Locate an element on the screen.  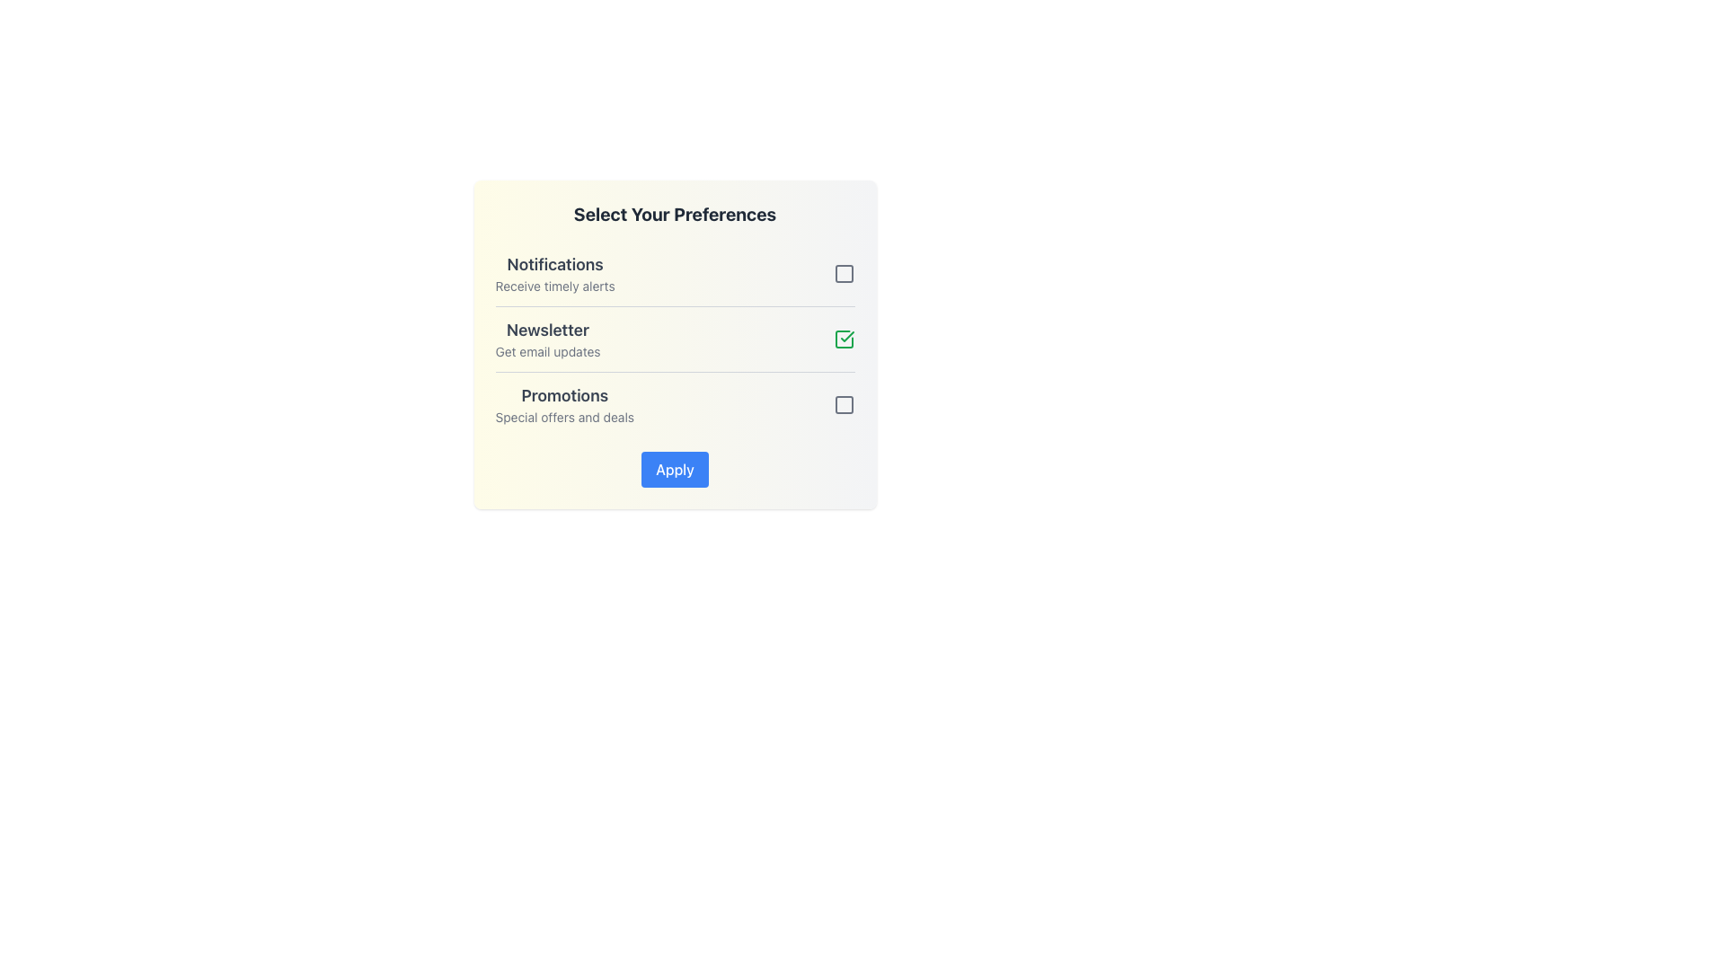
the static text that provides clarification about the 'Notifications' preference choice, located immediately underneath the 'Notifications' heading is located at coordinates (554, 286).